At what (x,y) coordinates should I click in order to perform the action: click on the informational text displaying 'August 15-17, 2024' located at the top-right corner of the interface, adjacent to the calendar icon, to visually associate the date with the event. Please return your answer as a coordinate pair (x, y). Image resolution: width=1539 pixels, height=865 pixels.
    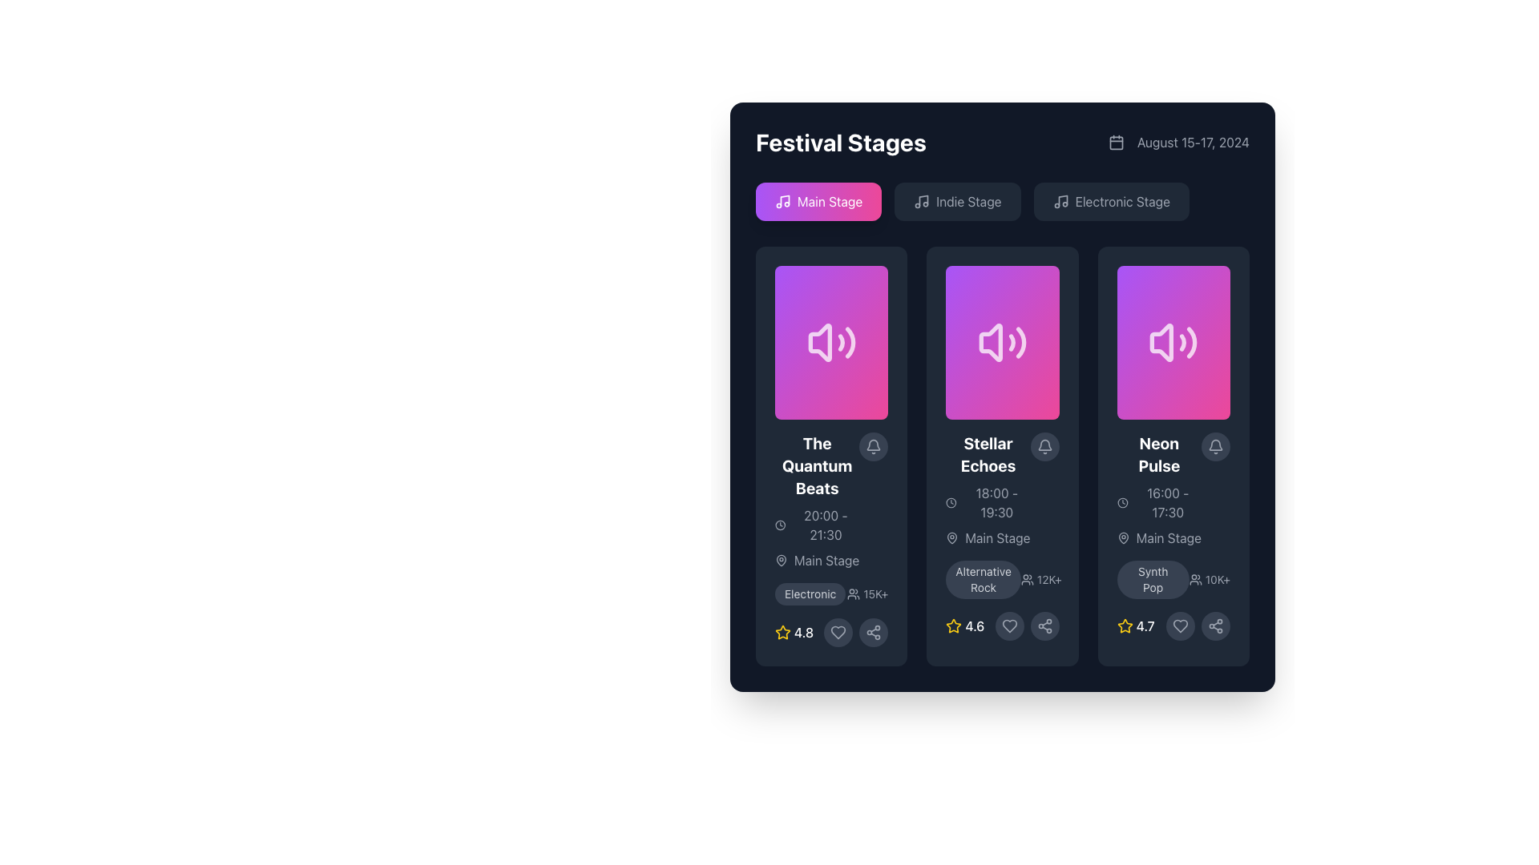
    Looking at the image, I should click on (1178, 141).